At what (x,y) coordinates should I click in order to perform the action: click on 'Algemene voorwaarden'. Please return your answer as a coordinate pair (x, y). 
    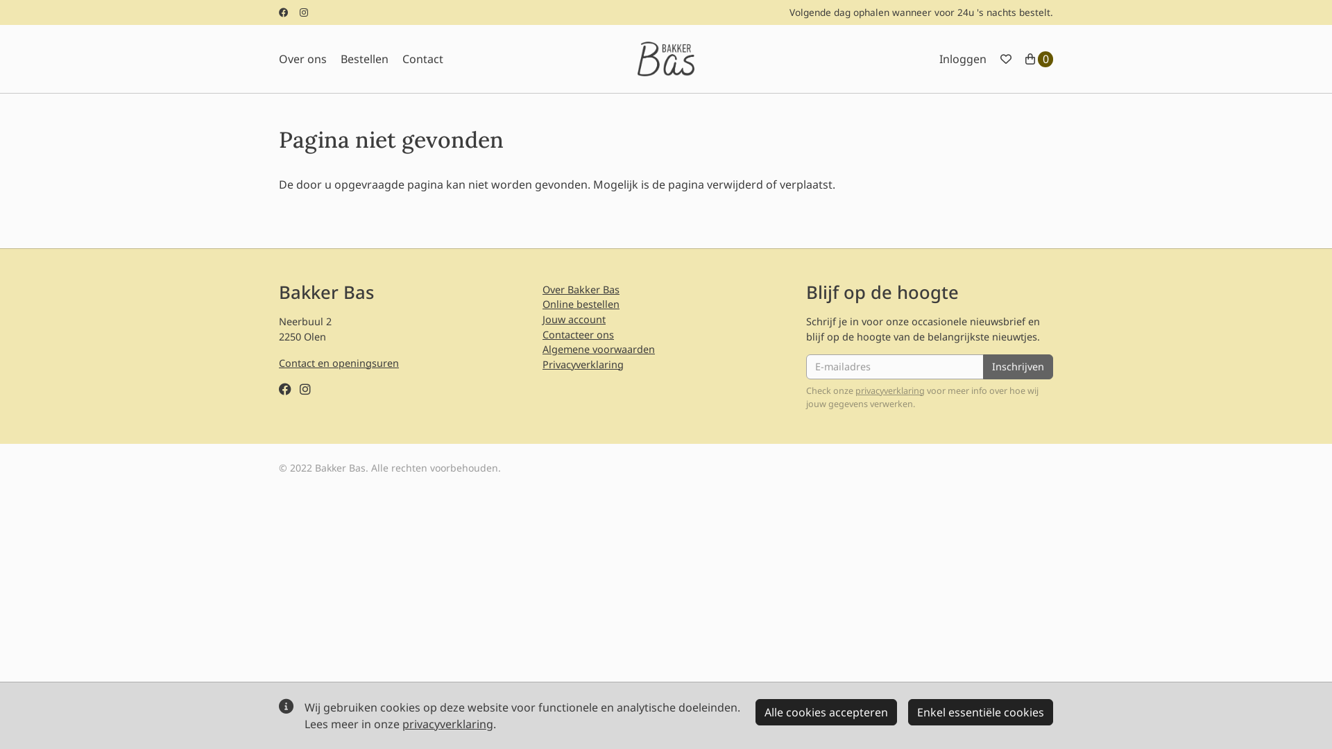
    Looking at the image, I should click on (542, 348).